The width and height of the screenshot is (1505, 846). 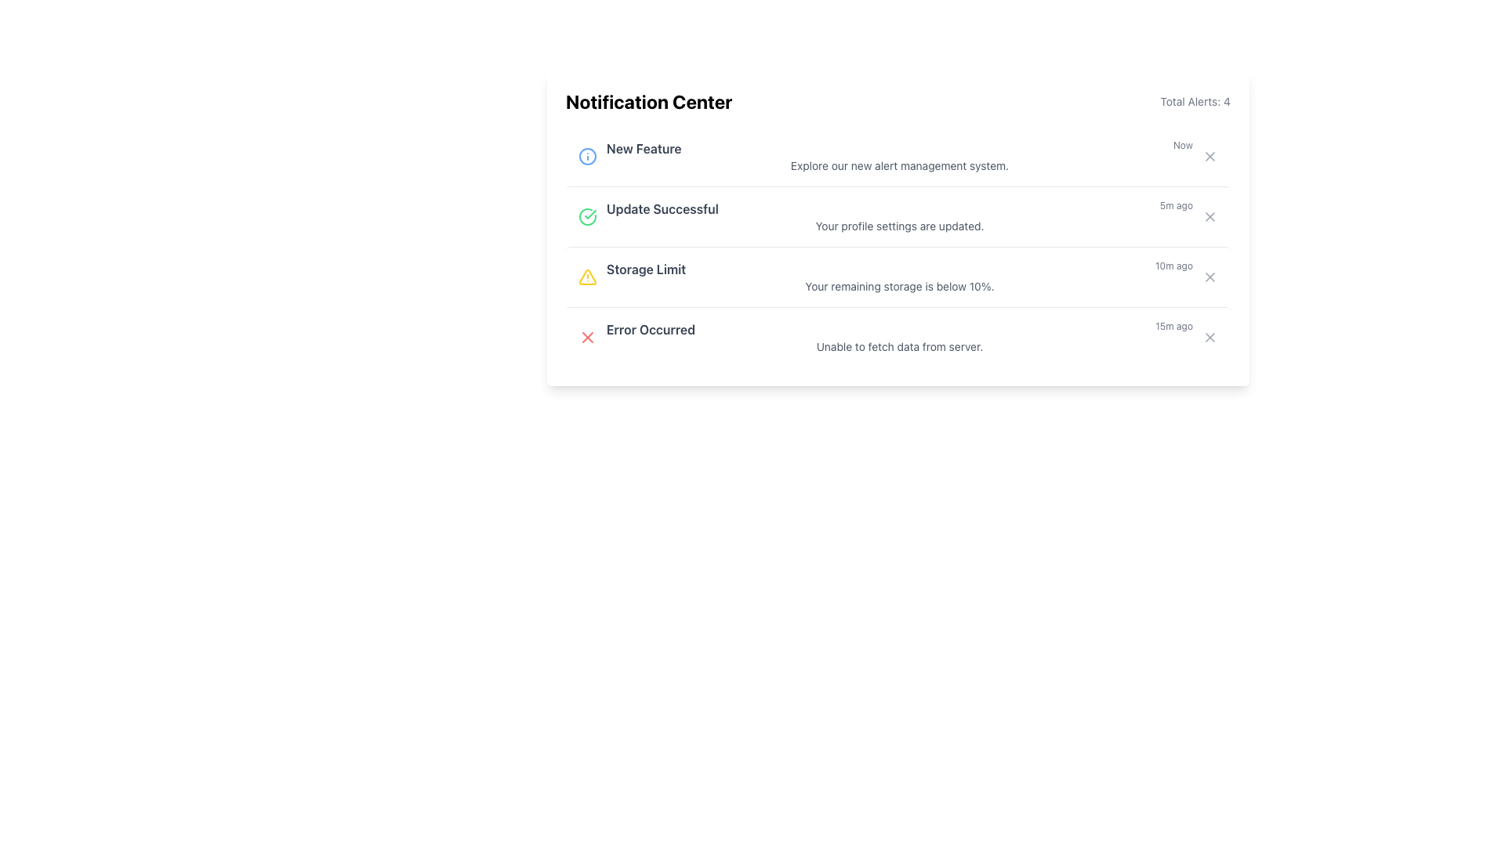 I want to click on the blue circular outline representing the information status, located to the left of the 'New Feature' notification title, so click(x=586, y=157).